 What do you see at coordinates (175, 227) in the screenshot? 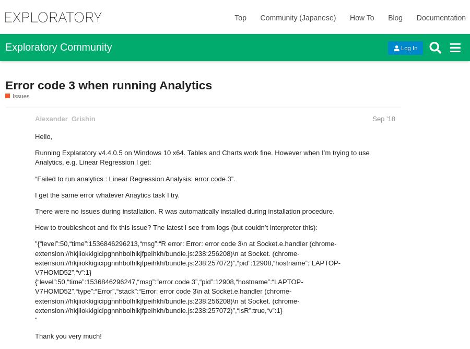
I see `'How to troubleshoot and fix this issue? The latest I see from logs (but couldn’t interpreter this):'` at bounding box center [175, 227].